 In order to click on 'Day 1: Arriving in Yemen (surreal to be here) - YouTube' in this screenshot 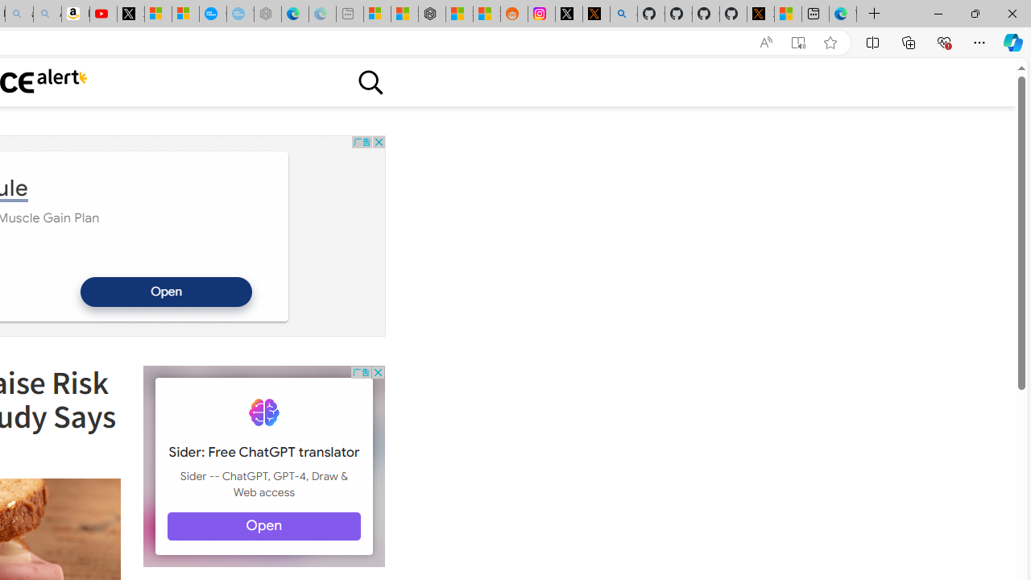, I will do `click(102, 14)`.